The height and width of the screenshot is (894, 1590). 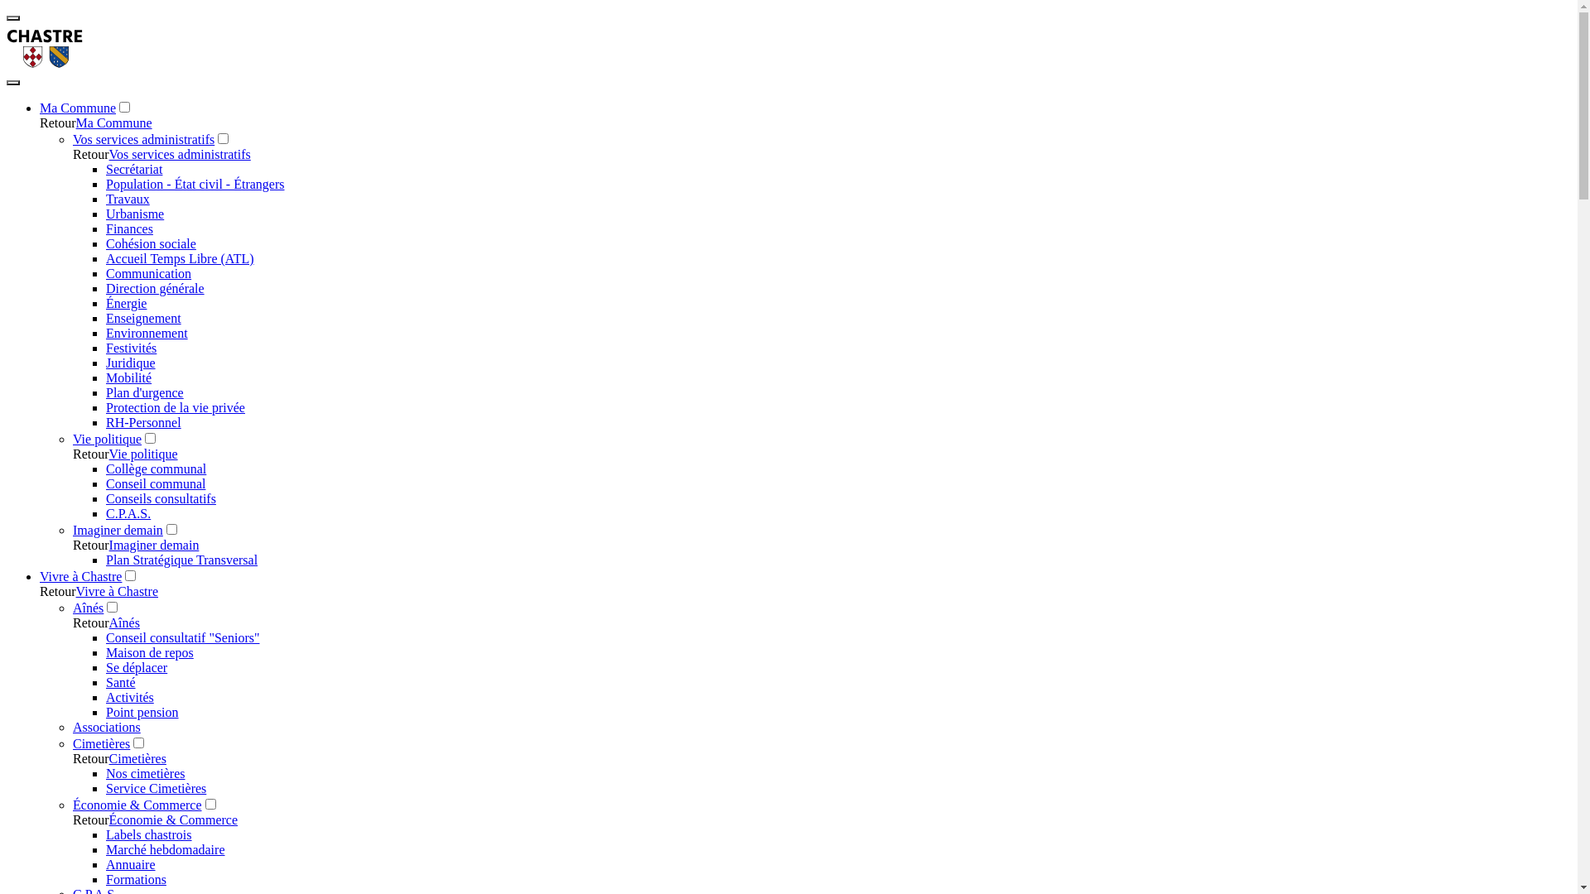 I want to click on 'Plan d'urgence', so click(x=144, y=392).